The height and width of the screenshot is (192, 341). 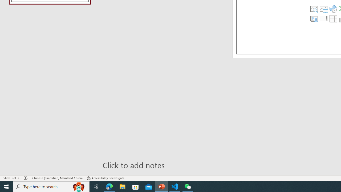 What do you see at coordinates (314, 9) in the screenshot?
I see `'Stock Images'` at bounding box center [314, 9].